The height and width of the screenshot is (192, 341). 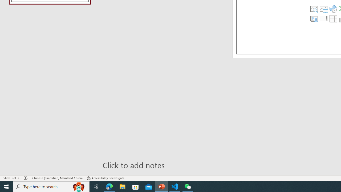 What do you see at coordinates (314, 9) in the screenshot?
I see `'Stock Images'` at bounding box center [314, 9].